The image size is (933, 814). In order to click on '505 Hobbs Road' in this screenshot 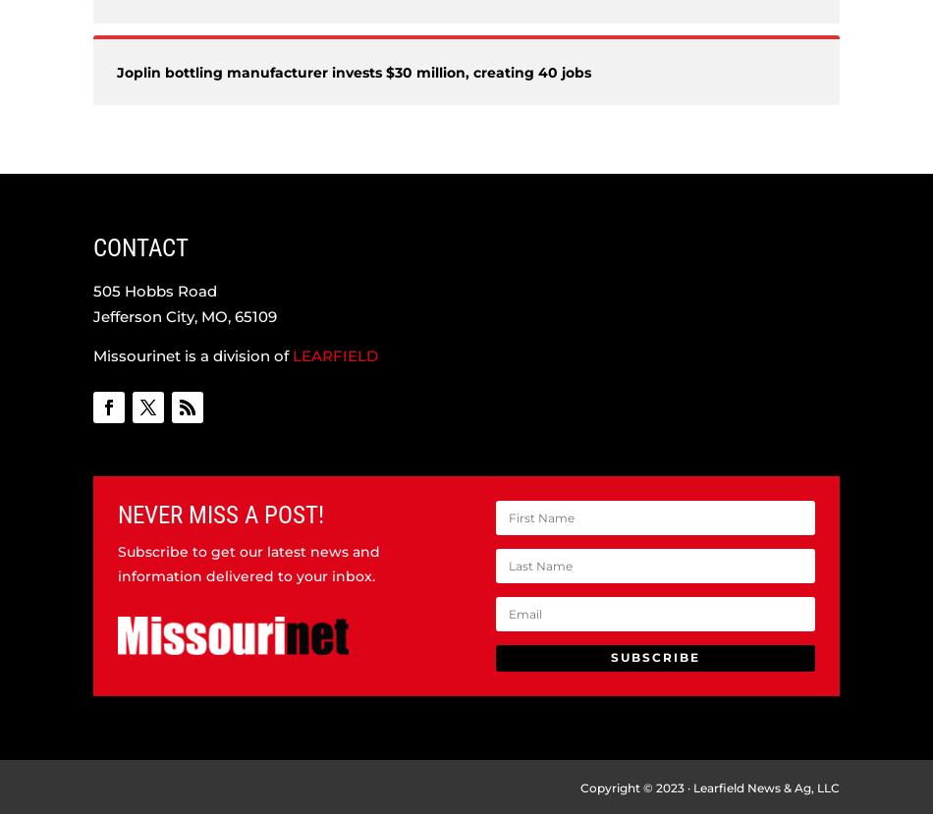, I will do `click(154, 290)`.